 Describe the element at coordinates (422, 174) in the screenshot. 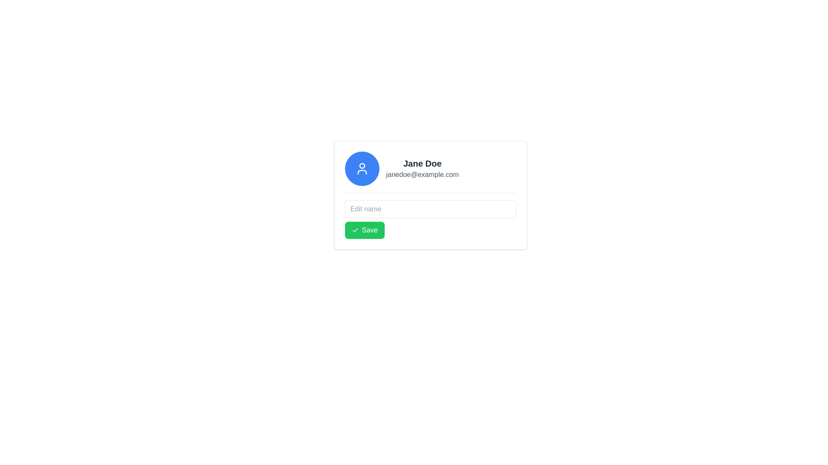

I see `the text label displaying the email address 'janedoe@example.com', which is styled in gray and positioned below the name 'Jane Doe'` at that location.